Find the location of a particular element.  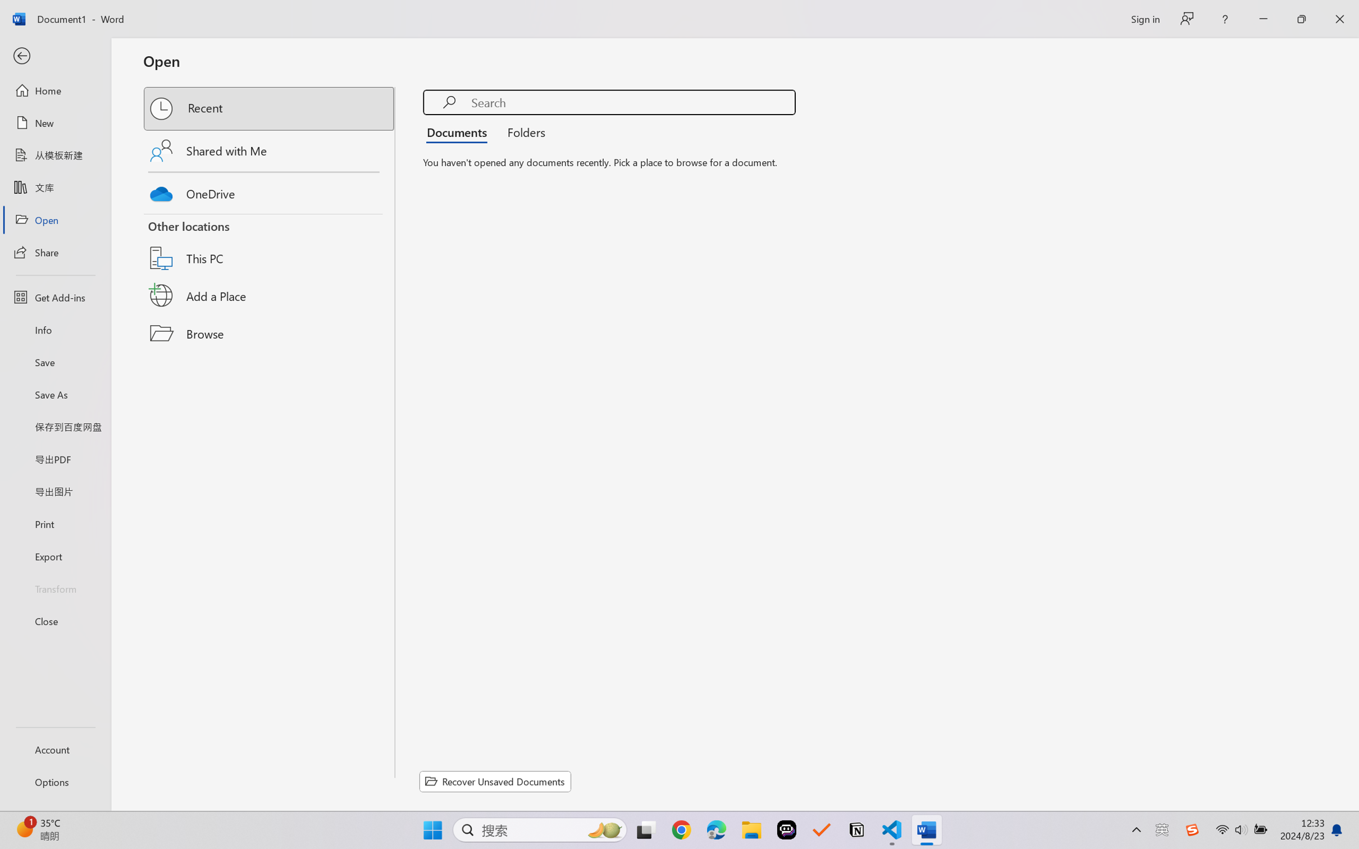

'Shared with Me' is located at coordinates (270, 150).